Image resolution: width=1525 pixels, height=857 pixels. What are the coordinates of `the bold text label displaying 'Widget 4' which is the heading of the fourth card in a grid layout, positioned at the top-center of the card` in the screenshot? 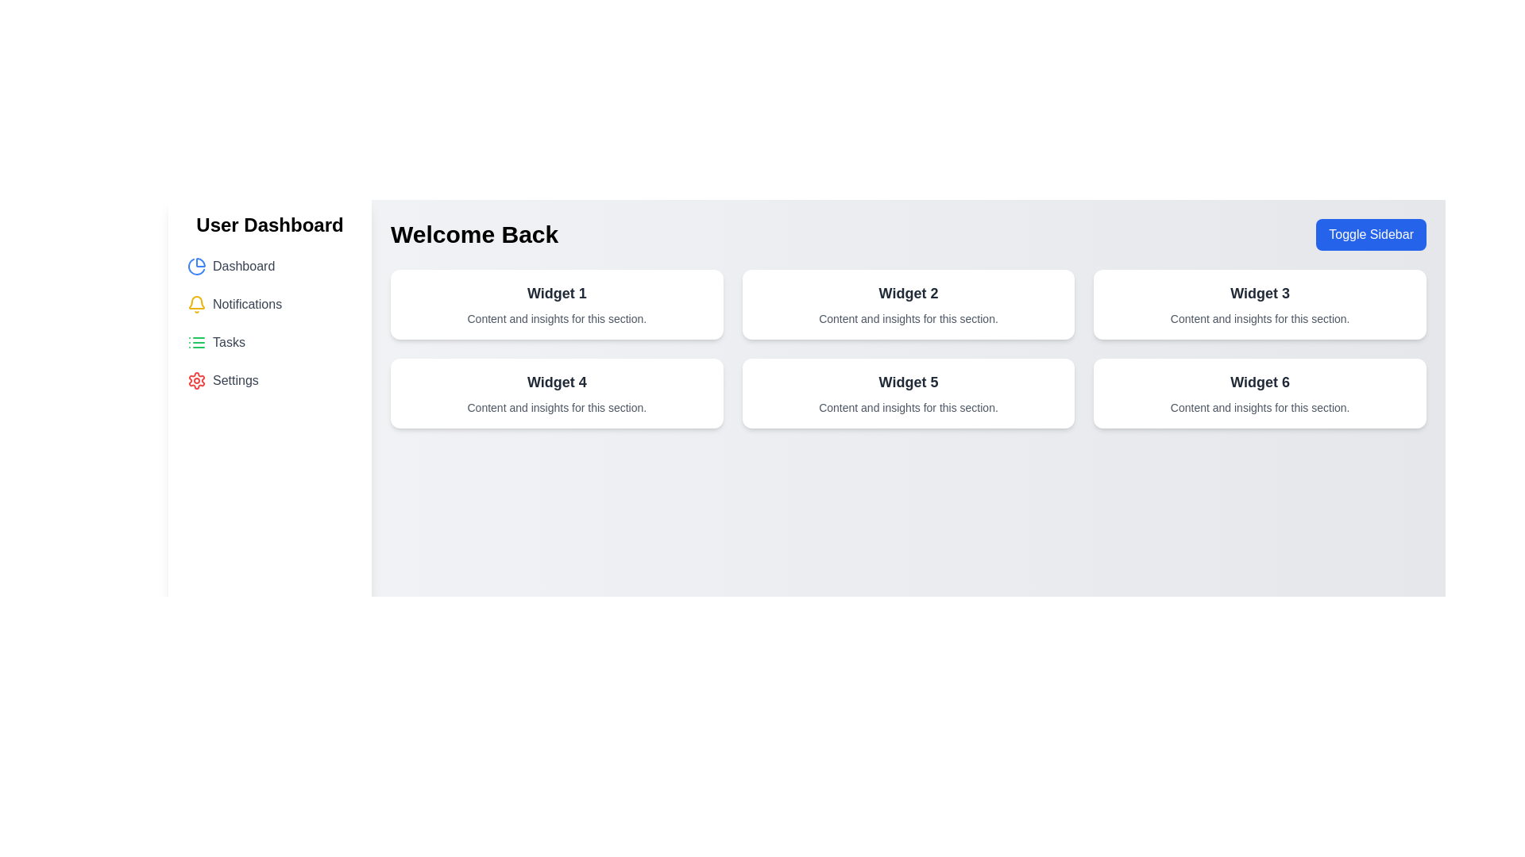 It's located at (557, 382).